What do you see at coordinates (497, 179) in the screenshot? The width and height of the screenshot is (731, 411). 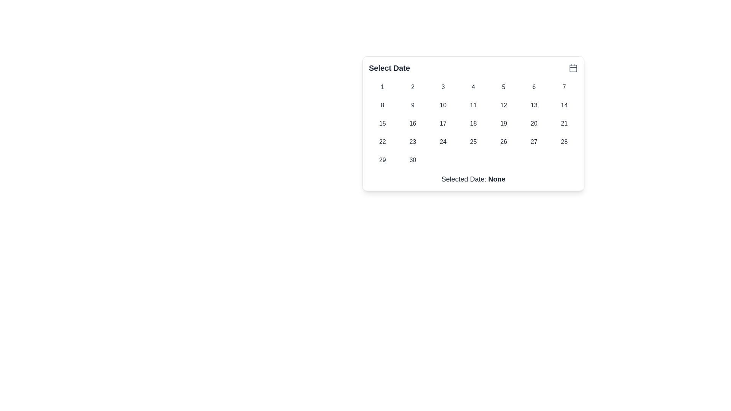 I see `the text label indicating the currently selected date, which currently displays 'None', located to the right of the 'Selected Date:' in the date picker dialog box` at bounding box center [497, 179].